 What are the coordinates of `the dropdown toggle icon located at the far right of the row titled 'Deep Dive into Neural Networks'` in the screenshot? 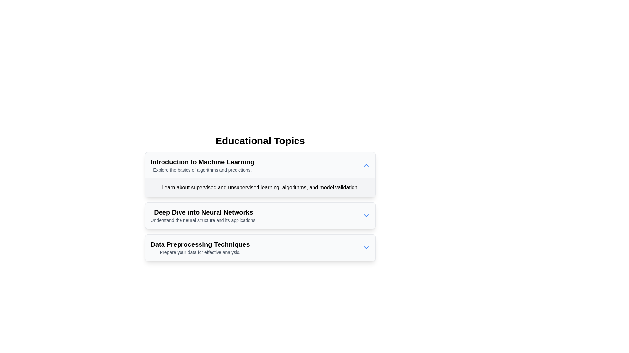 It's located at (366, 215).